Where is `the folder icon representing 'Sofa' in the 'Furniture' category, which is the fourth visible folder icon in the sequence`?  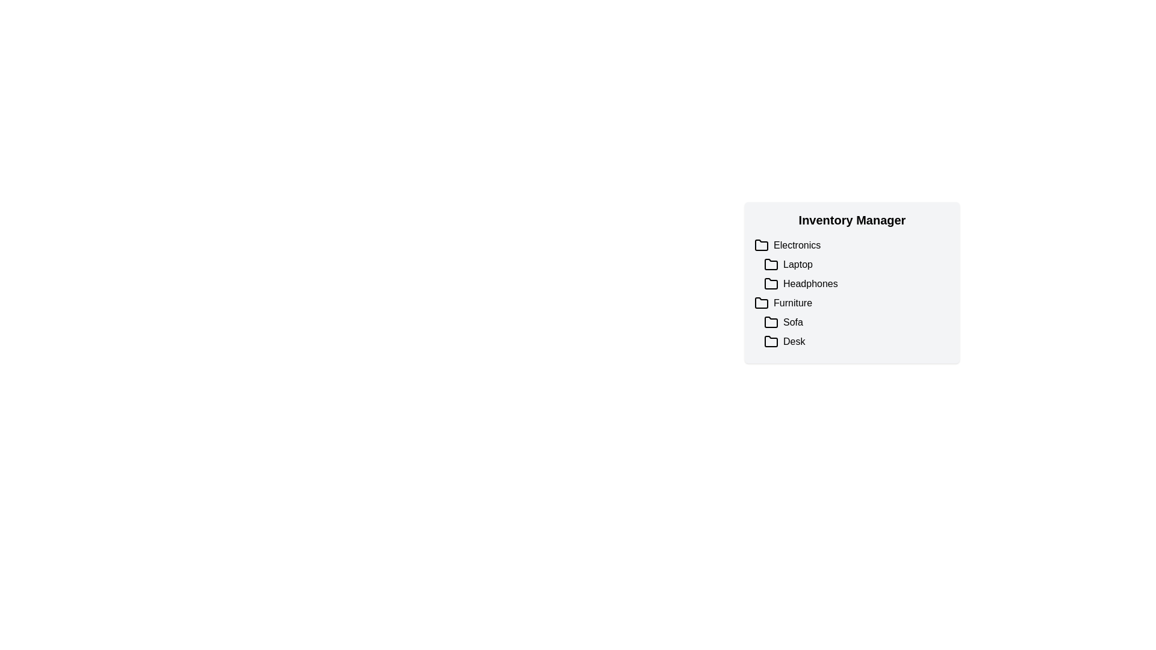 the folder icon representing 'Sofa' in the 'Furniture' category, which is the fourth visible folder icon in the sequence is located at coordinates (771, 321).